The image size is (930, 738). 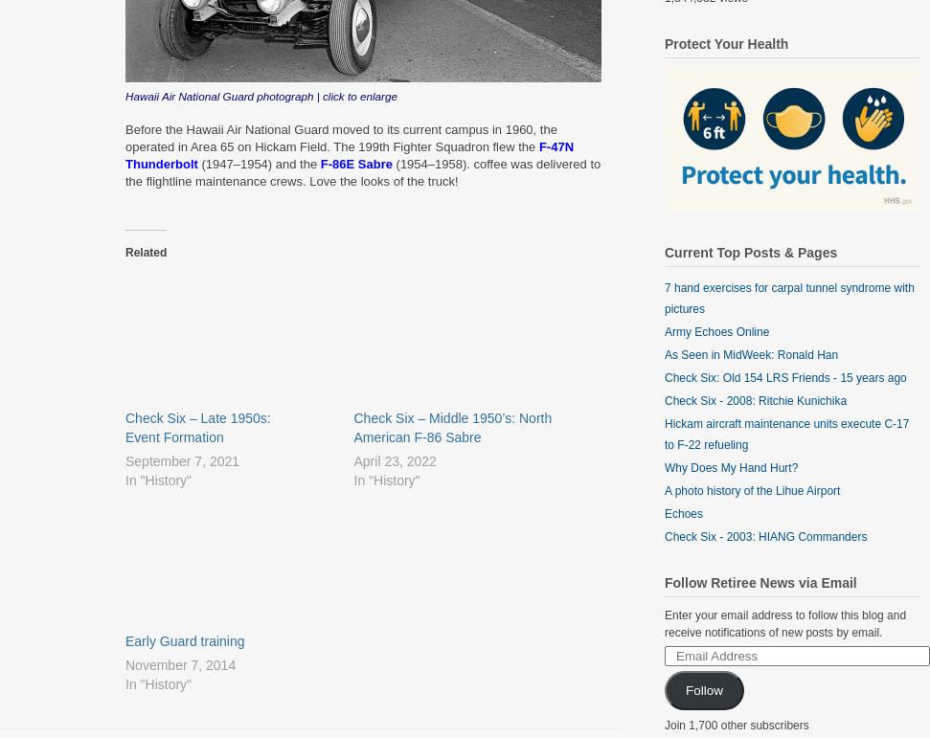 I want to click on 'Follow Retiree News via Email', so click(x=664, y=582).